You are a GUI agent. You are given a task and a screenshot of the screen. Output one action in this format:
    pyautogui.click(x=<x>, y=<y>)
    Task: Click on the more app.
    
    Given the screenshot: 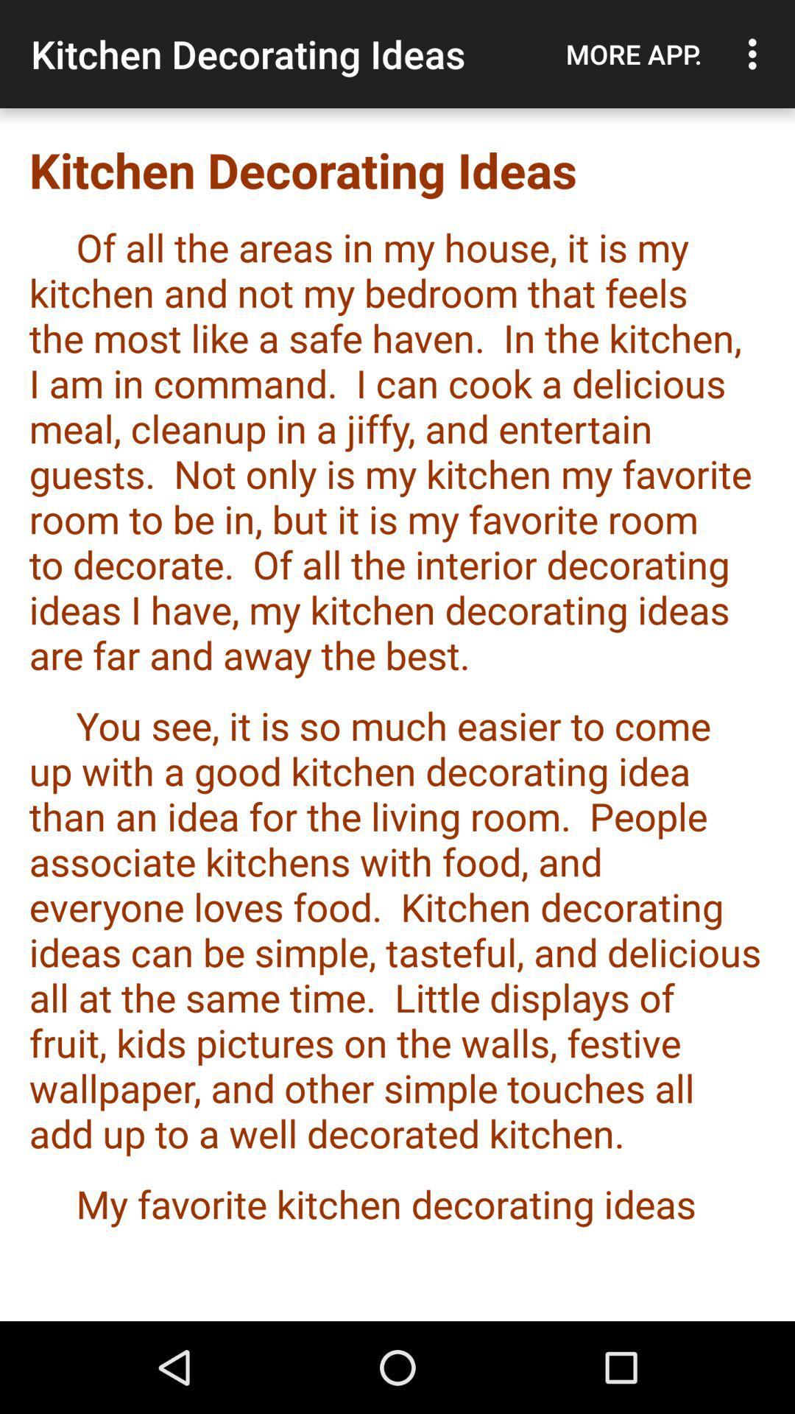 What is the action you would take?
    pyautogui.click(x=633, y=54)
    